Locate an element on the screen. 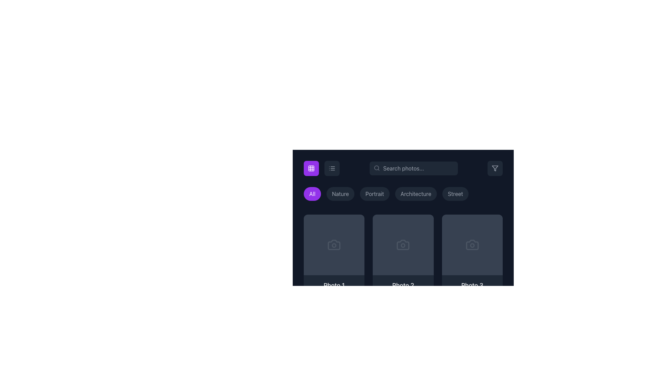 This screenshot has height=372, width=662. the filter button labeled 'Street' to filter the displayed content accordingly is located at coordinates (455, 194).